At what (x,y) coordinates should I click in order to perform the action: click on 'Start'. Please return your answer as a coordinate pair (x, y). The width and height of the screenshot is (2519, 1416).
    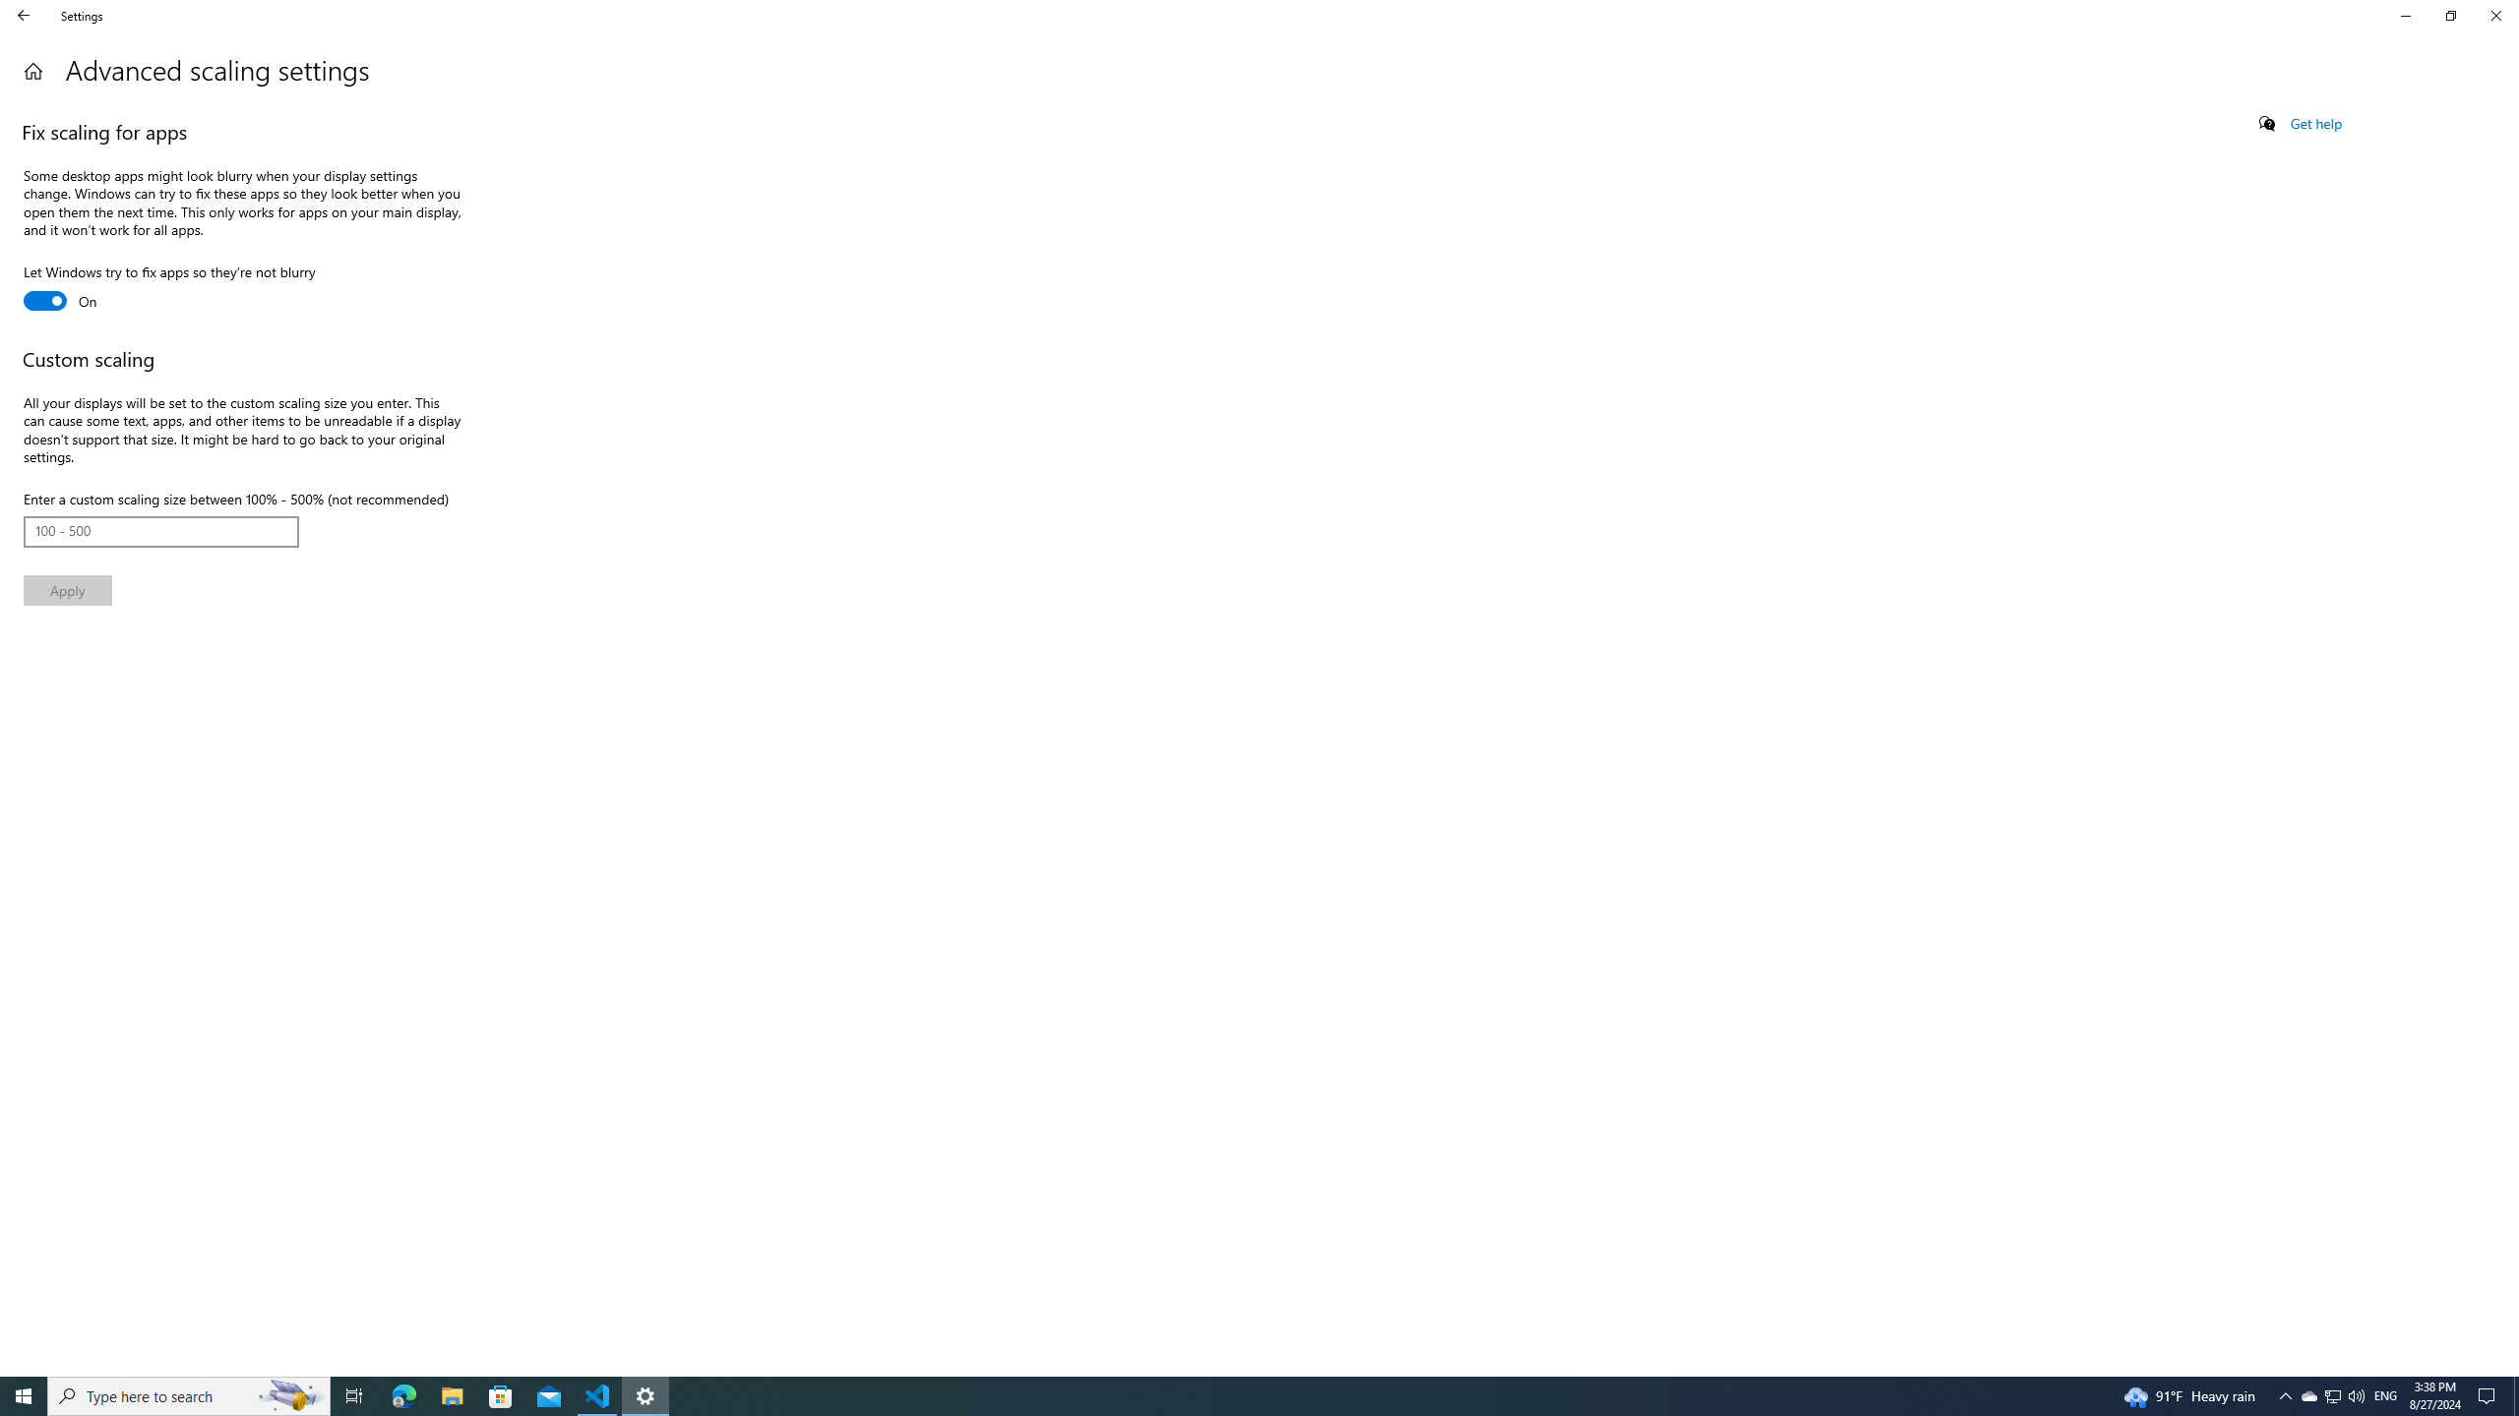
    Looking at the image, I should click on (24, 1394).